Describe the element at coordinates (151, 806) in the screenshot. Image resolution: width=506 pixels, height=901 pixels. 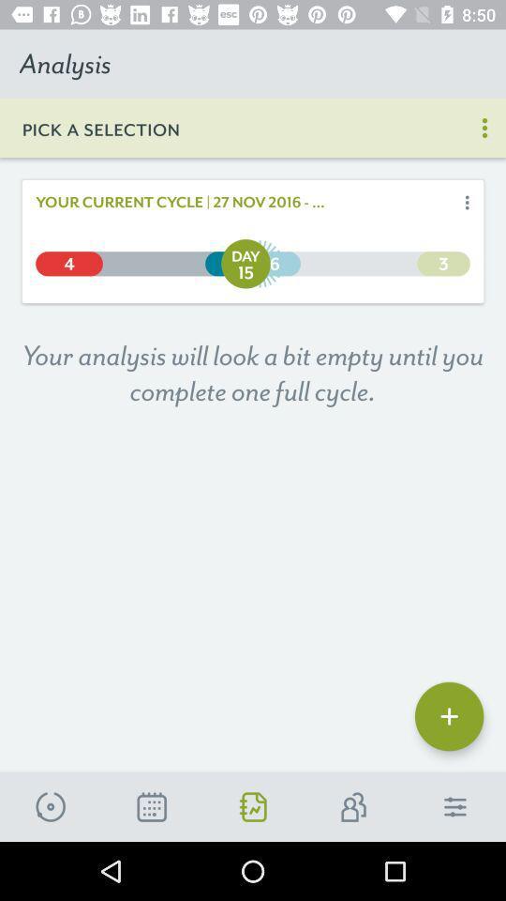
I see `the description icon` at that location.